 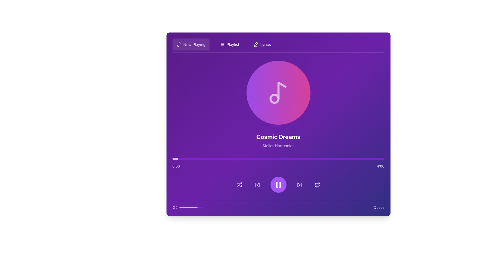 I want to click on playback progress, so click(x=365, y=159).